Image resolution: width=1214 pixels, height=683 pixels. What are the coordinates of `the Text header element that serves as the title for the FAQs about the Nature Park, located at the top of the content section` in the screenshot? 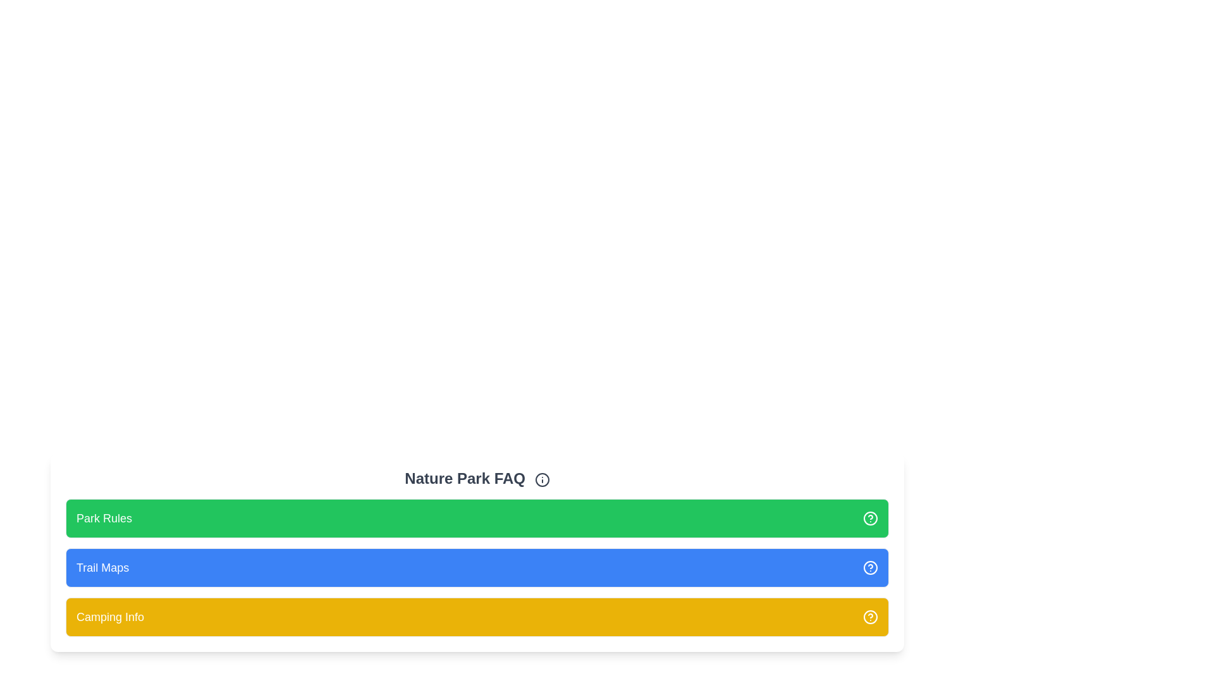 It's located at (476, 478).